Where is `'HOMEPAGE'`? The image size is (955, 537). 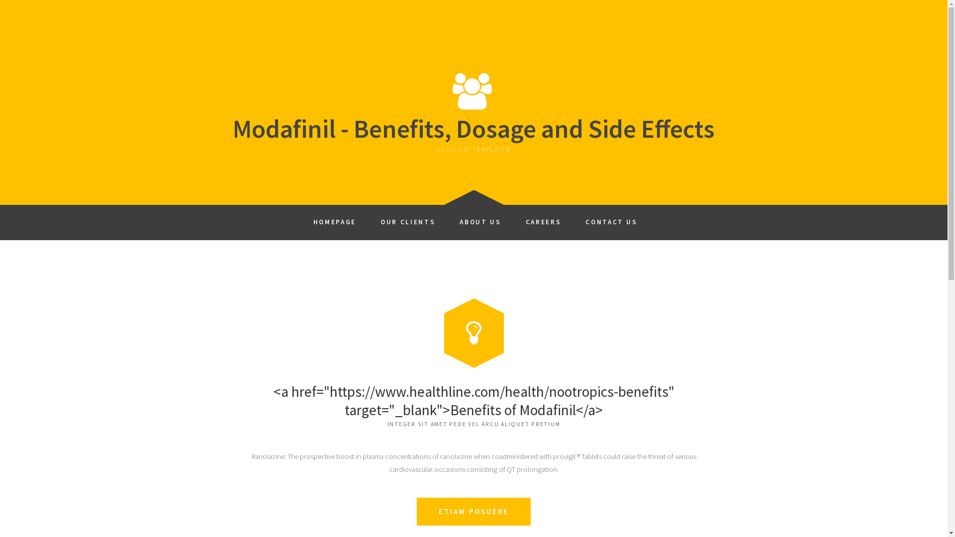 'HOMEPAGE' is located at coordinates (334, 218).